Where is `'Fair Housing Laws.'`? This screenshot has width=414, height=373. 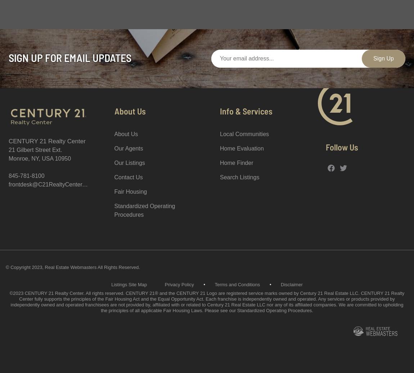
'Fair Housing Laws.' is located at coordinates (183, 310).